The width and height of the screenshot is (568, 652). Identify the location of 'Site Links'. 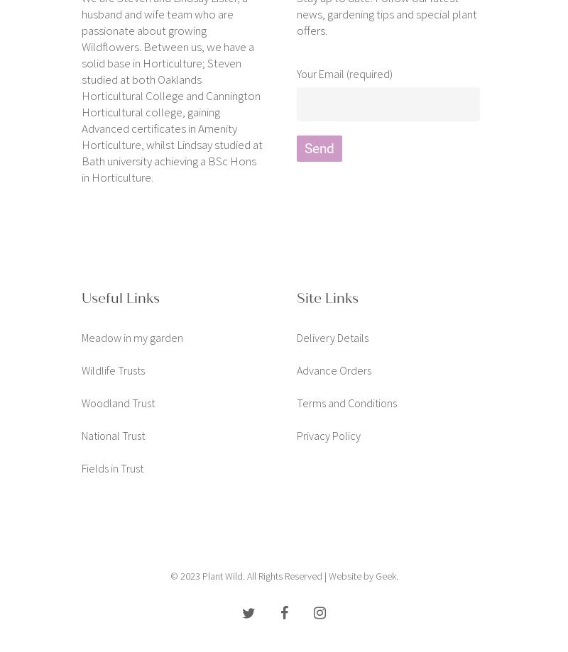
(327, 297).